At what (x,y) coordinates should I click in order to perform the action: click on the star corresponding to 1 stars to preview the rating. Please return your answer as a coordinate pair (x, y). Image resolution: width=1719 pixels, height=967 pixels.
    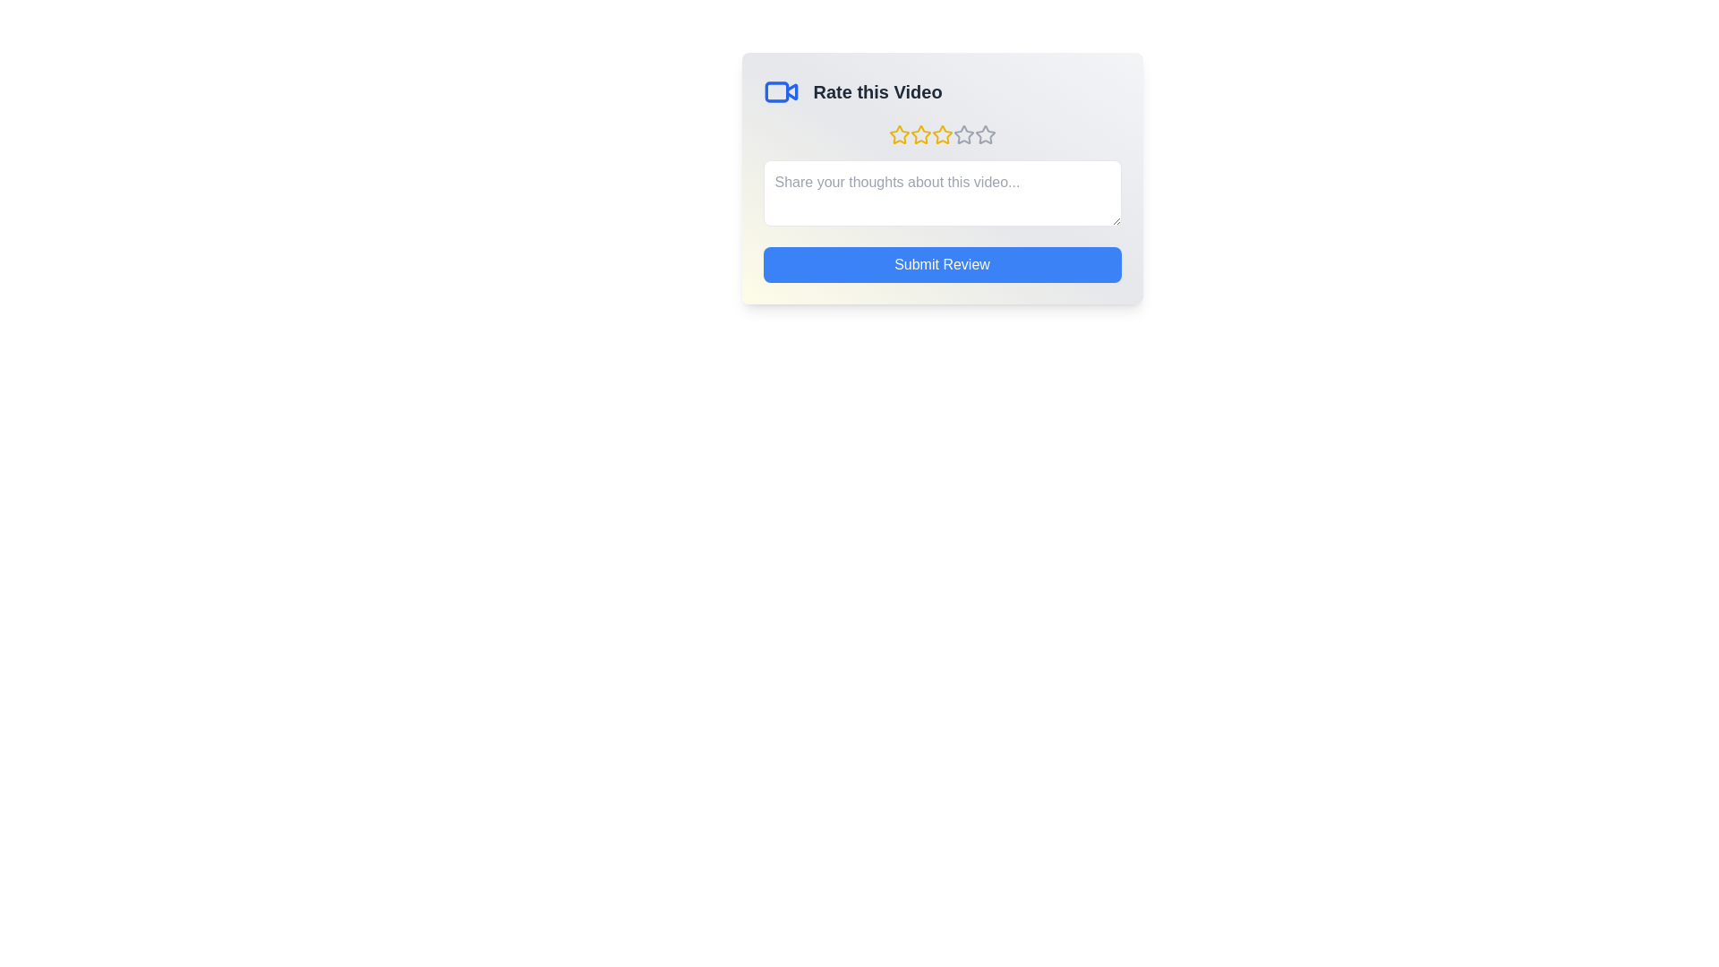
    Looking at the image, I should click on (899, 133).